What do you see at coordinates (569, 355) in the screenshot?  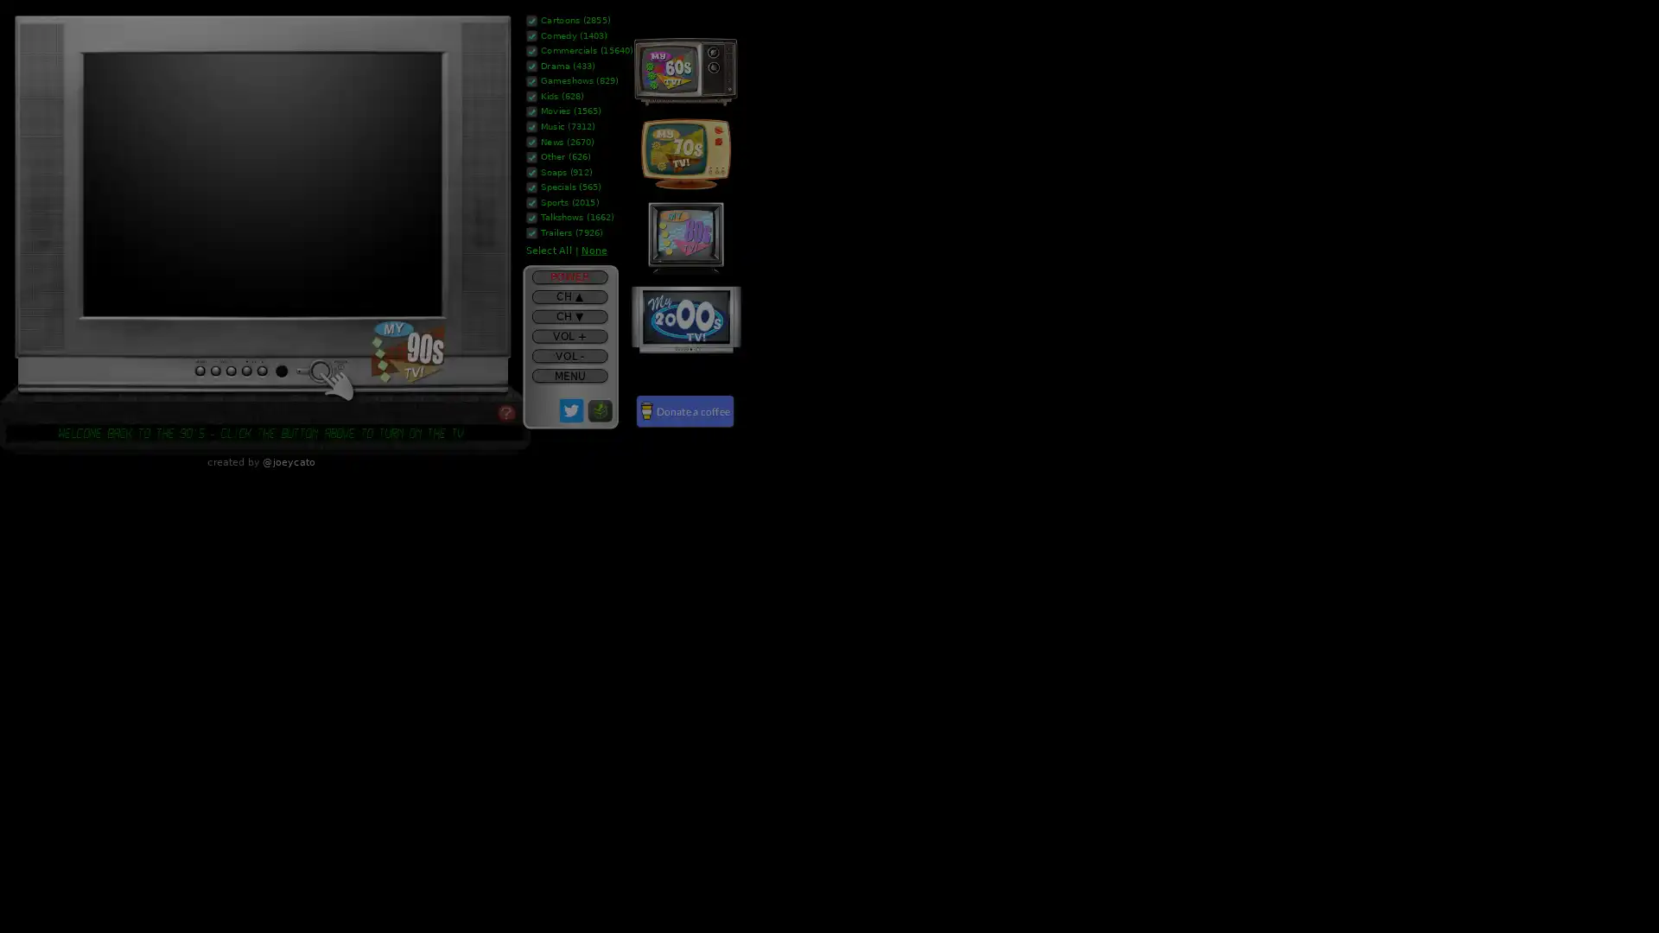 I see `VOL -` at bounding box center [569, 355].